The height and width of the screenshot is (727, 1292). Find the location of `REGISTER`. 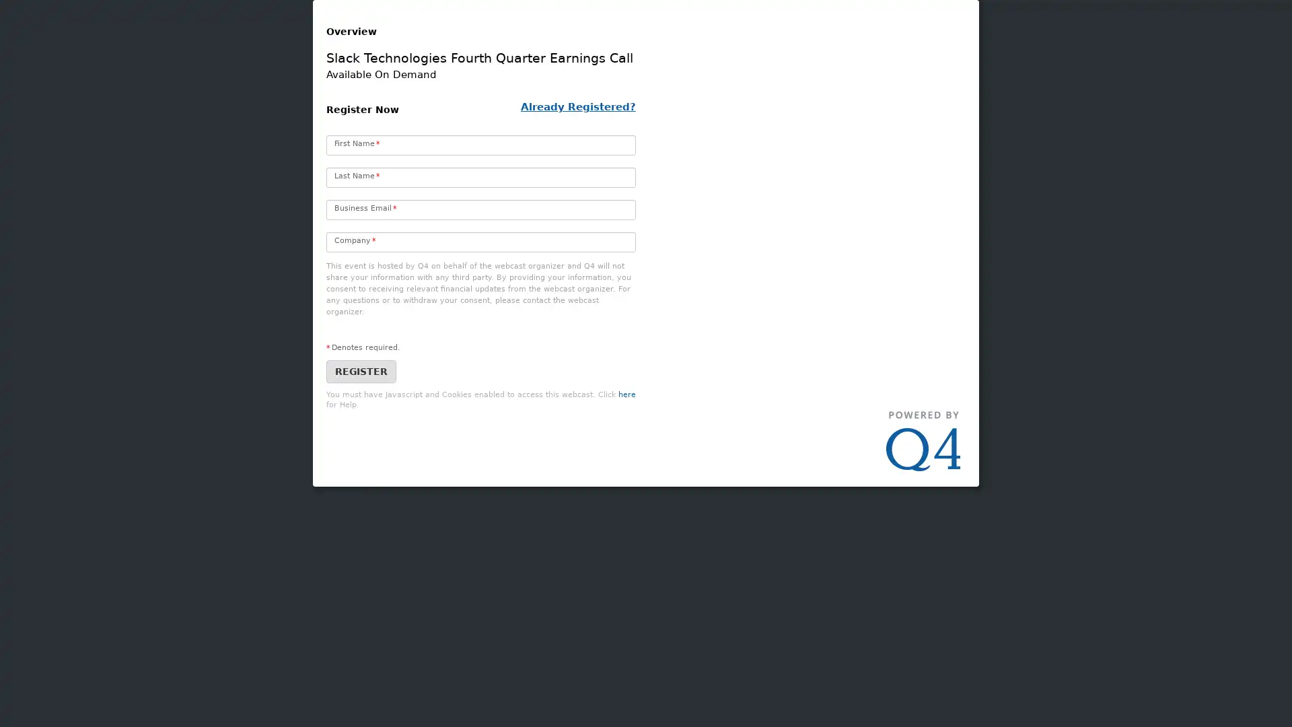

REGISTER is located at coordinates (361, 452).